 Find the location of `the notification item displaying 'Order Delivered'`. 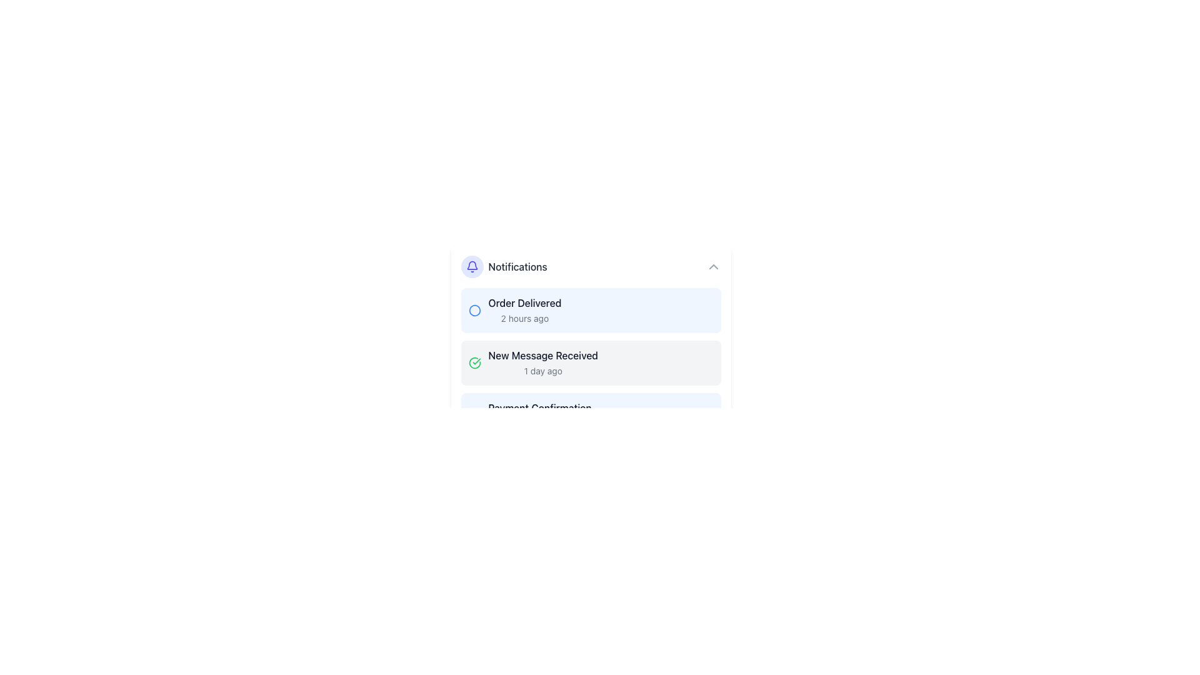

the notification item displaying 'Order Delivered' is located at coordinates (514, 310).